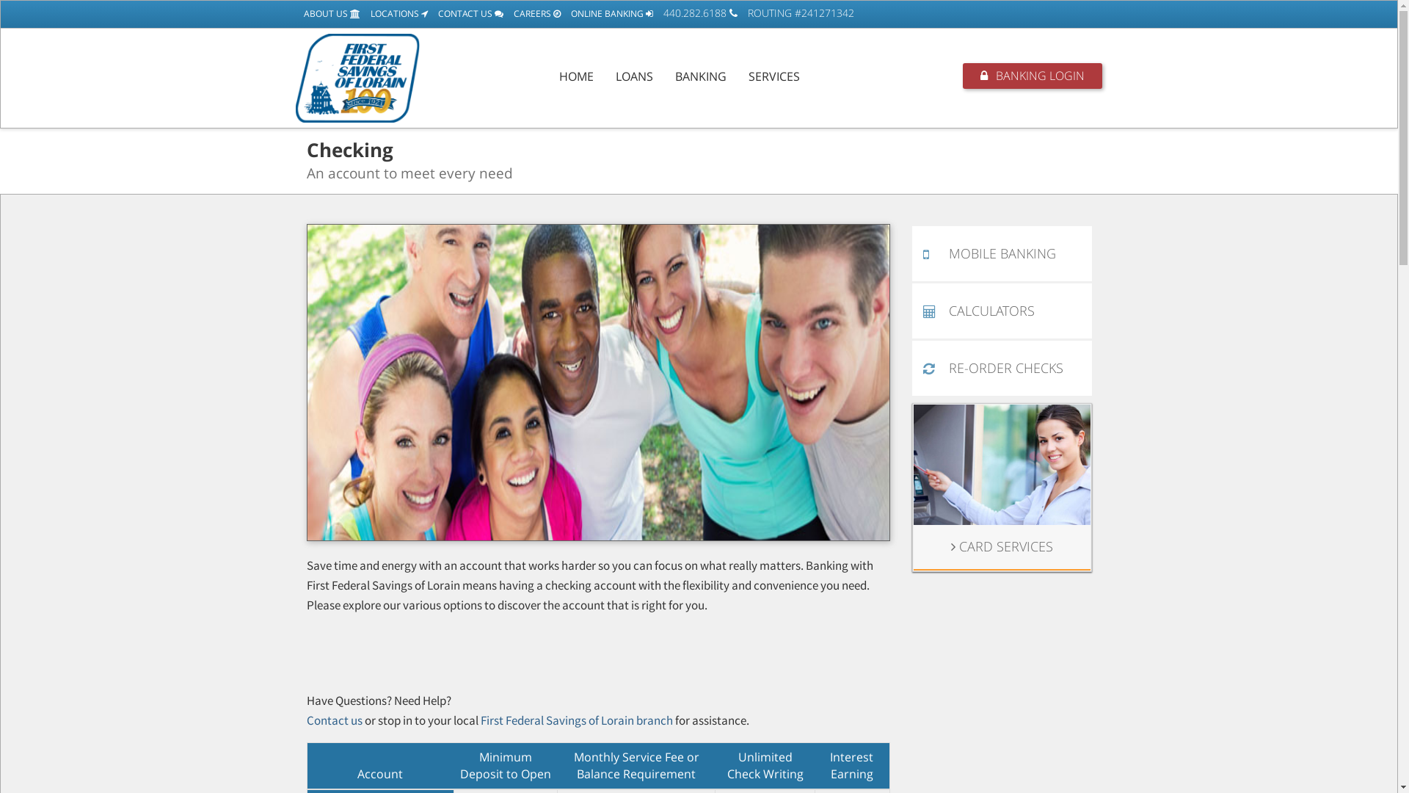 This screenshot has width=1409, height=793. I want to click on 'LOANS', so click(634, 76).